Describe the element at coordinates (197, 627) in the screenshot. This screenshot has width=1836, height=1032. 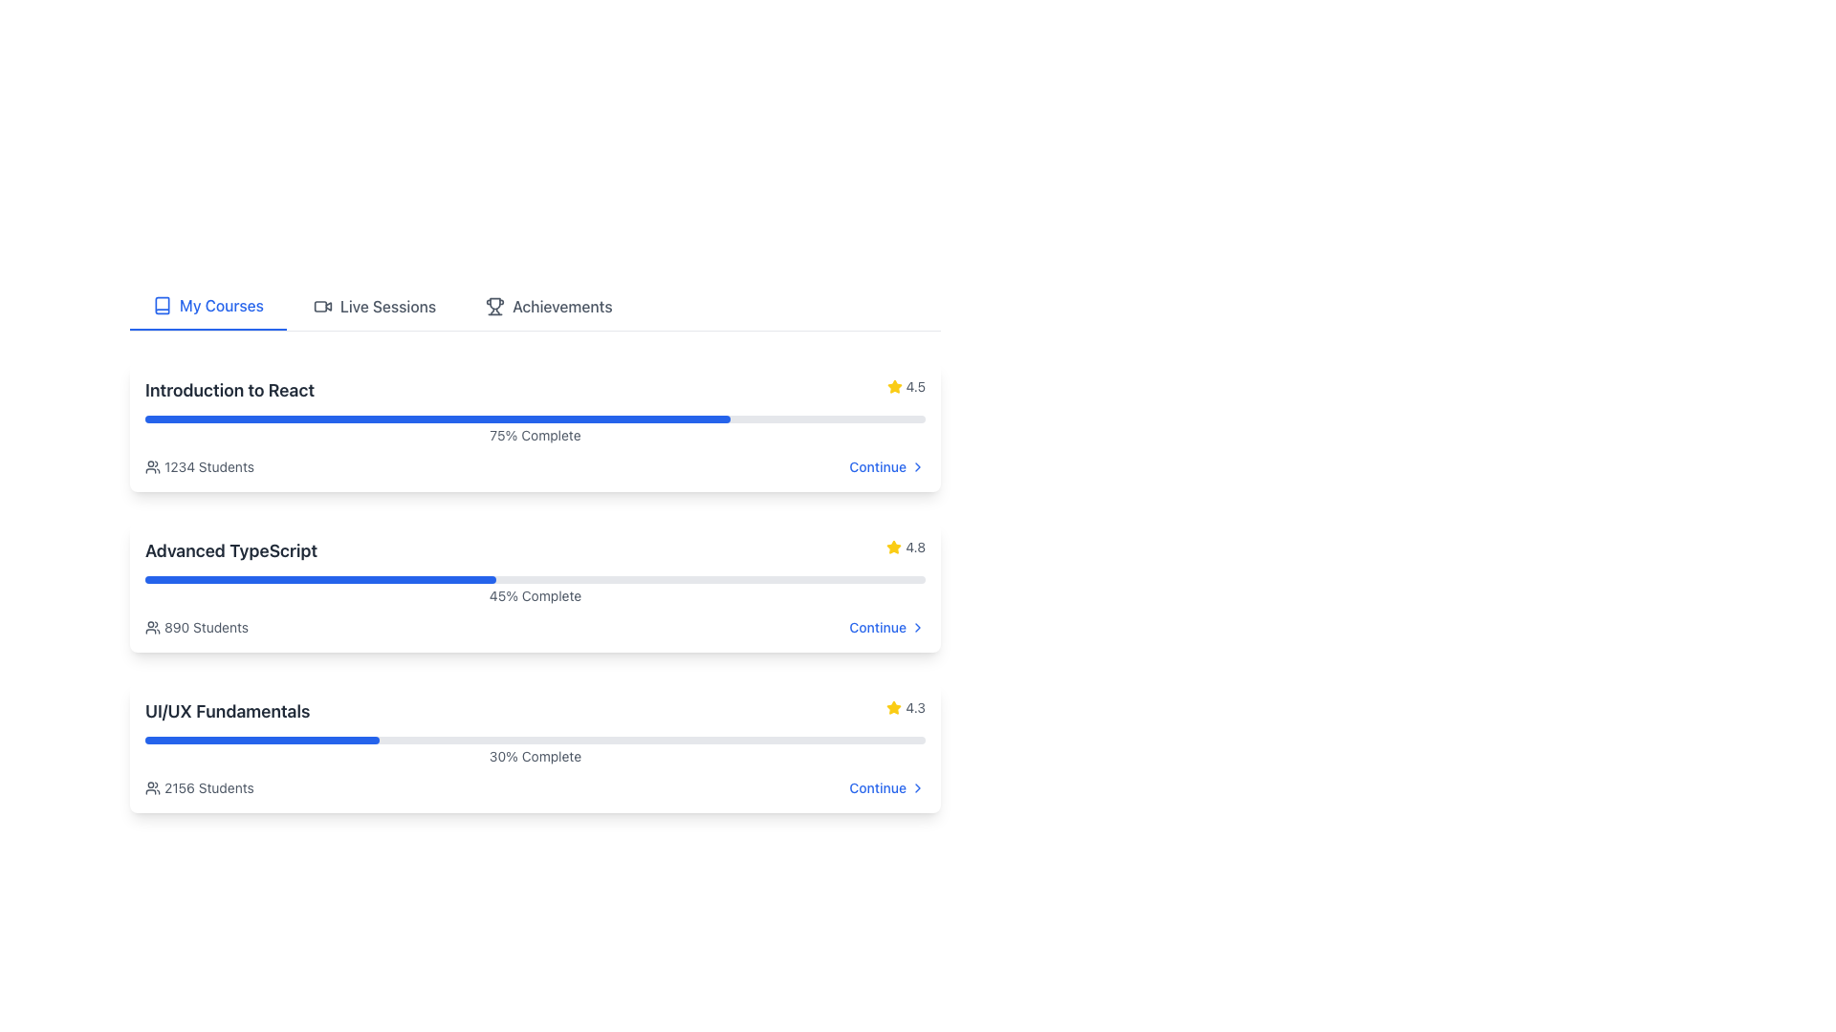
I see `the informational text indicating the number of students enrolled in the 'Advanced TypeScript' course, located at the bottom-left beneath the progress bar` at that location.